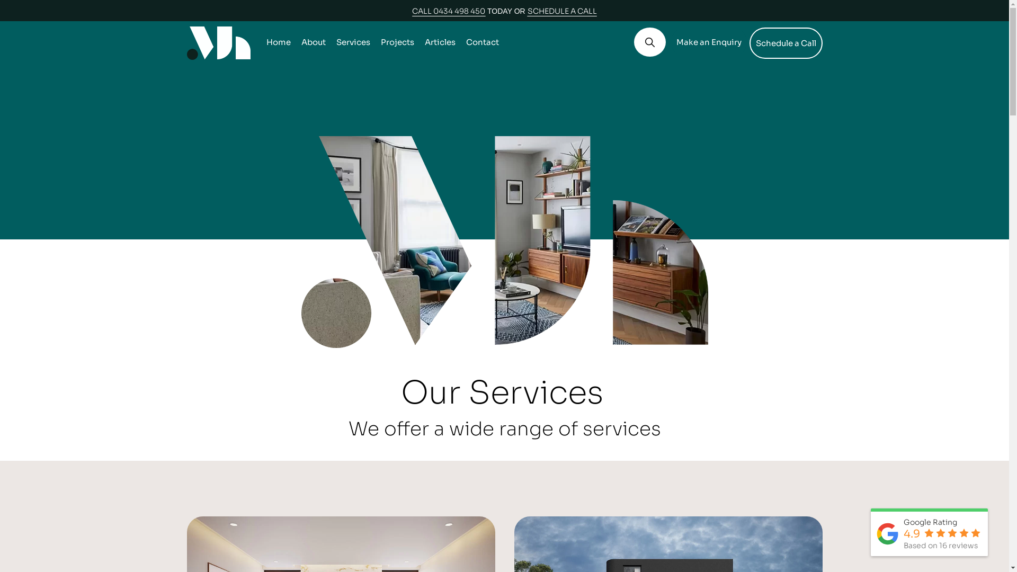 This screenshot has width=1017, height=572. I want to click on 'Show Search', so click(648, 41).